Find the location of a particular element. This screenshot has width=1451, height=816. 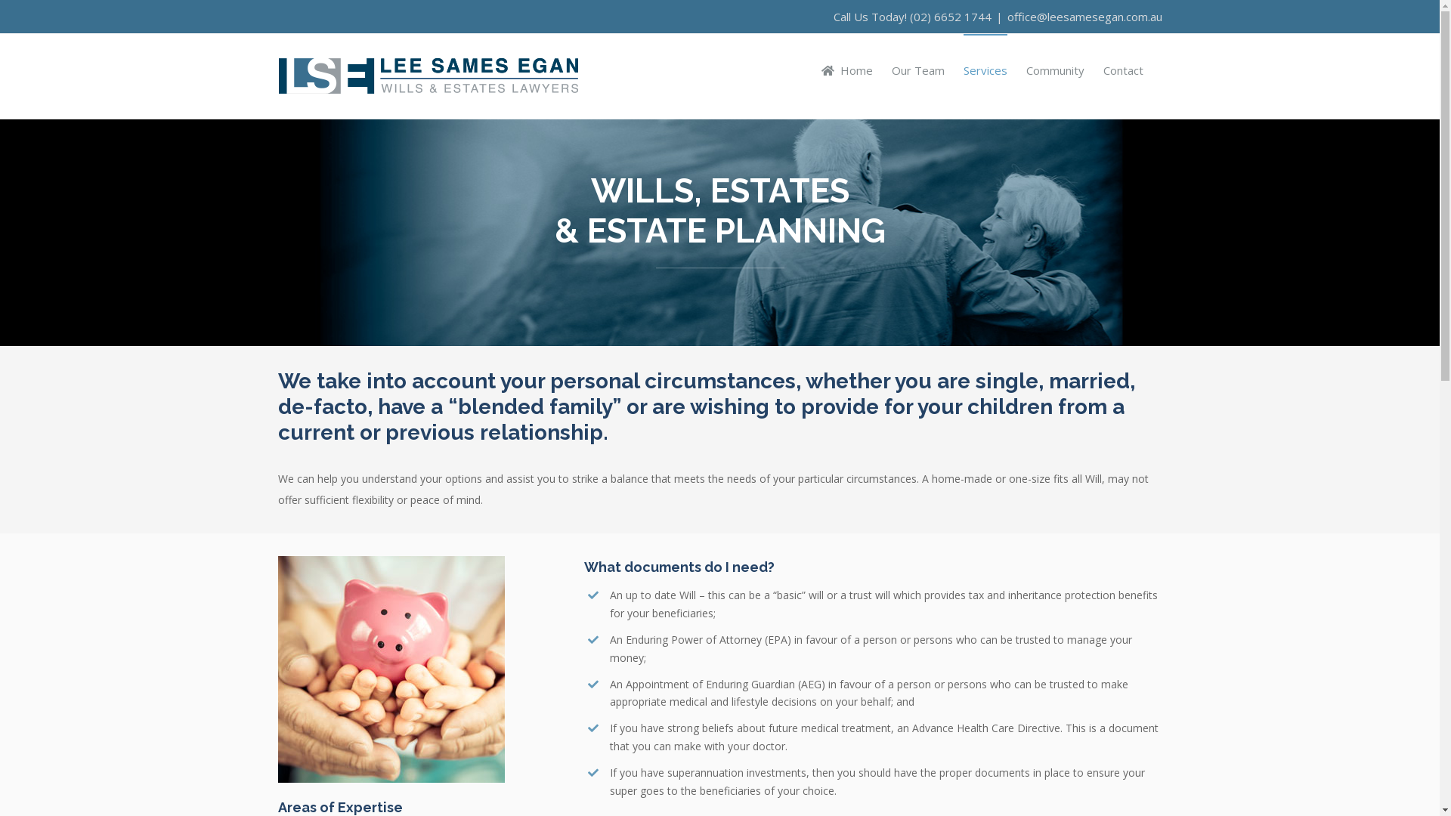

'Services' is located at coordinates (984, 70).